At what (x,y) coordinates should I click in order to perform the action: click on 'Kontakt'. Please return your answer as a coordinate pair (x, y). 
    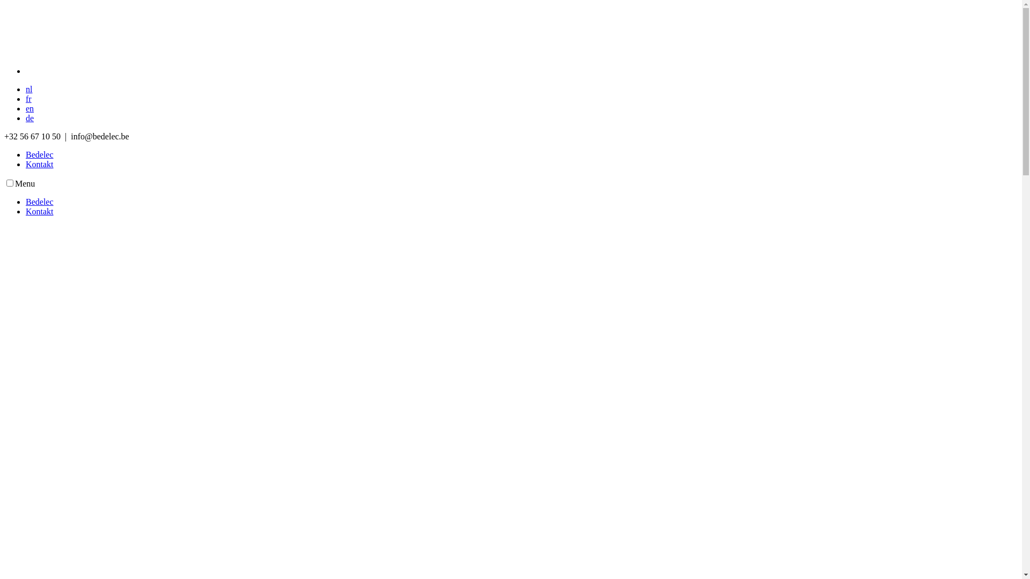
    Looking at the image, I should click on (39, 211).